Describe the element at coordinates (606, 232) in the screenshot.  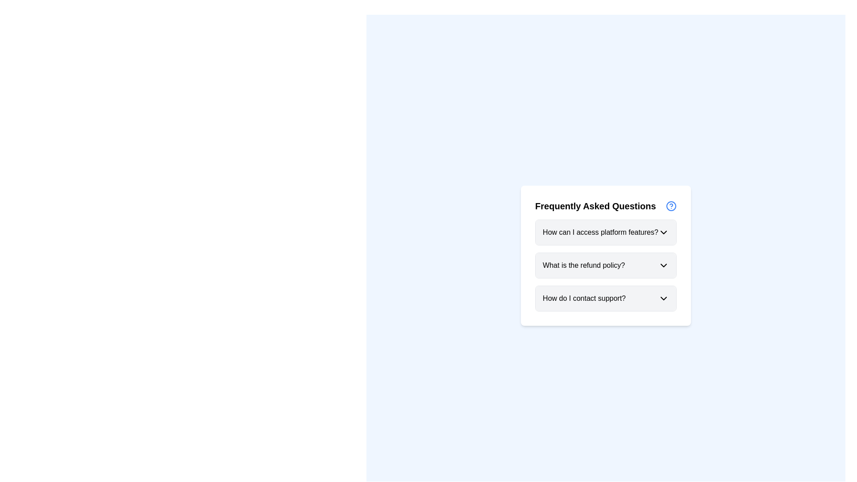
I see `the first item in the Frequently Asked Questions list, labeled 'How can I access platform features?'` at that location.